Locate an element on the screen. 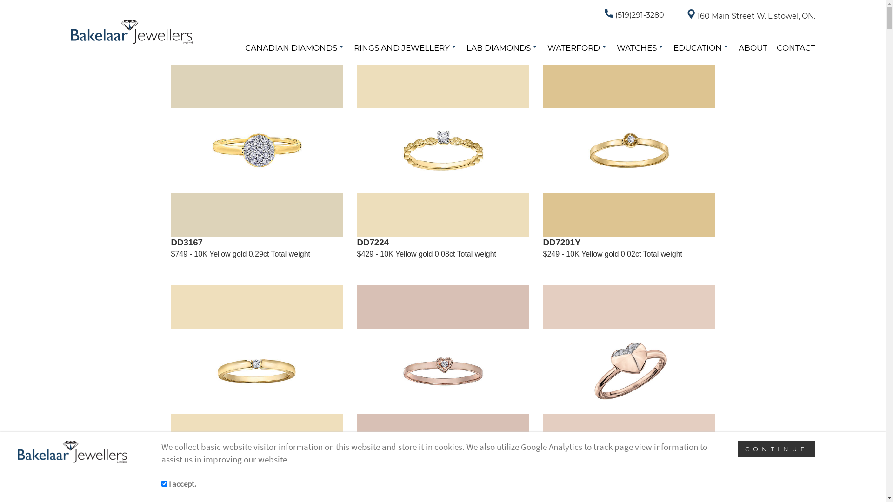 The height and width of the screenshot is (502, 893). 'CONTINUE' is located at coordinates (777, 449).